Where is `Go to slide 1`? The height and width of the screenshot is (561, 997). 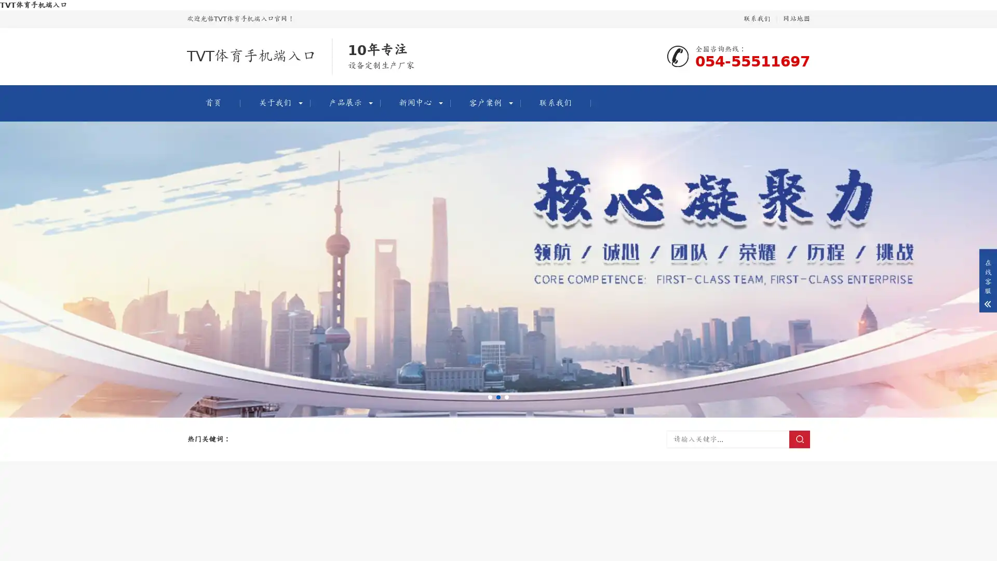 Go to slide 1 is located at coordinates (490, 397).